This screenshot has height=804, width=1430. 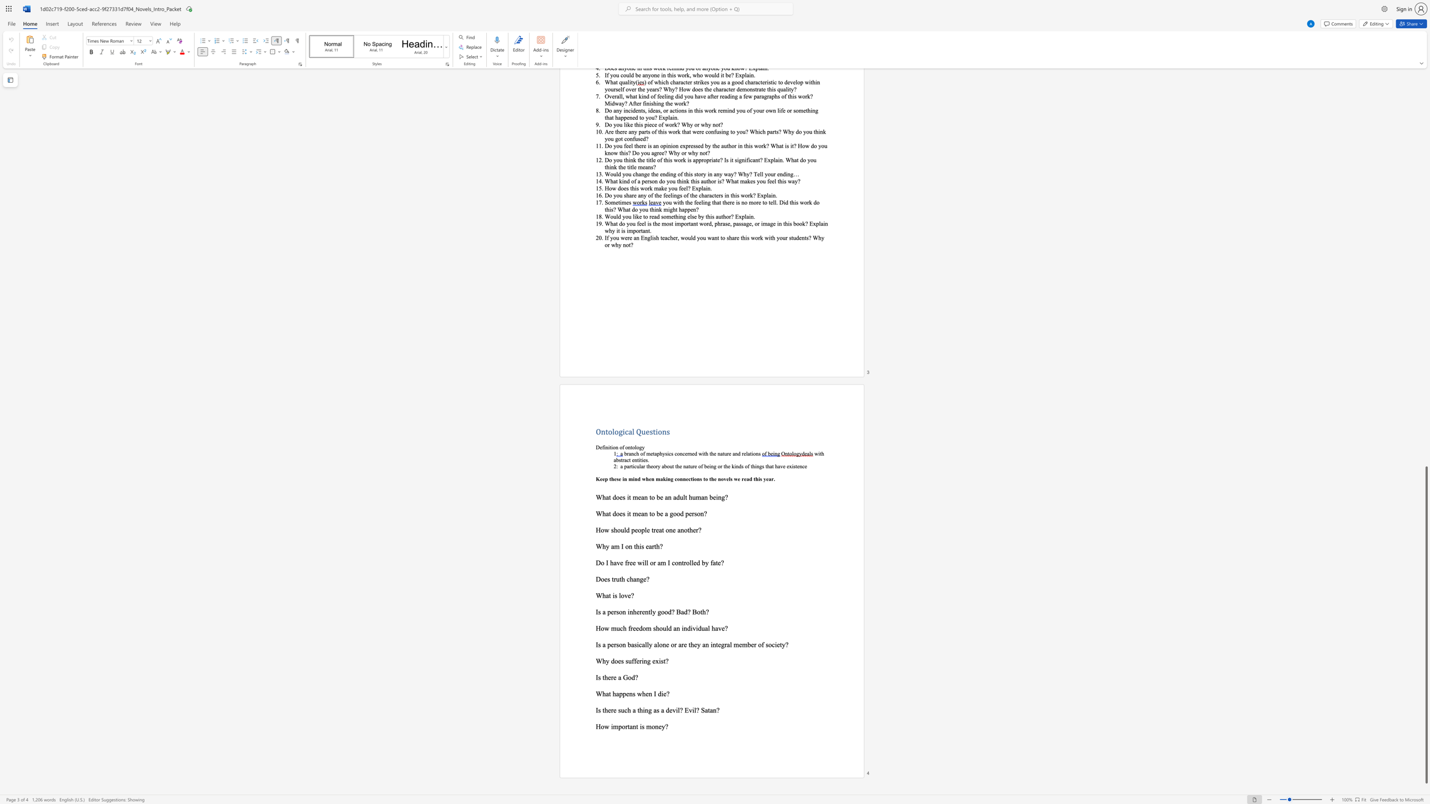 What do you see at coordinates (664, 431) in the screenshot?
I see `the 2th character "n" in the text` at bounding box center [664, 431].